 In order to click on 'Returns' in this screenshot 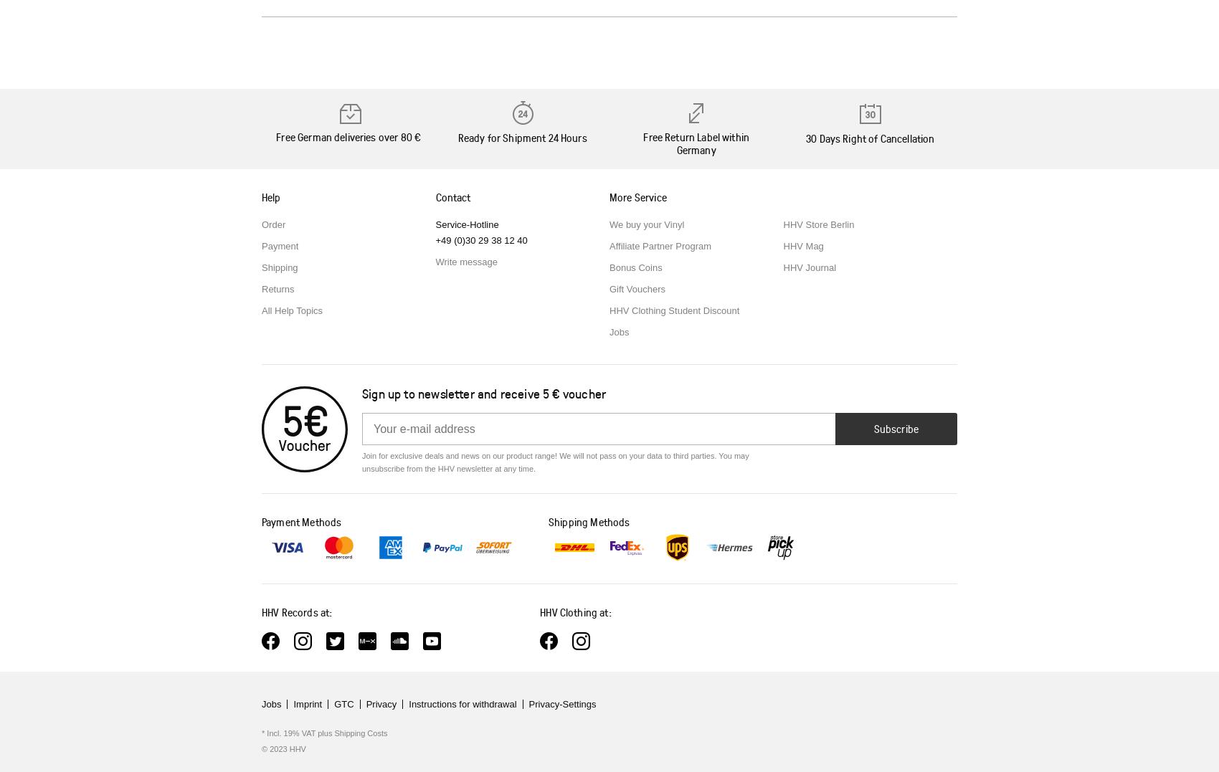, I will do `click(277, 289)`.